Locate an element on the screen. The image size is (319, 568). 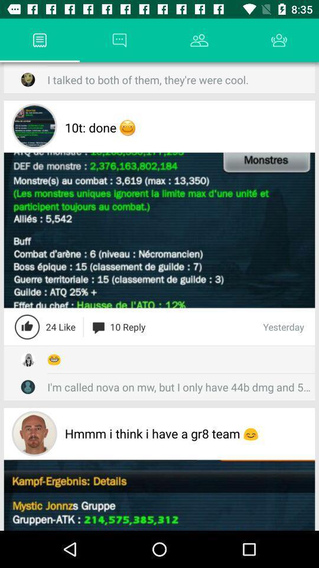
like this is located at coordinates (27, 327).